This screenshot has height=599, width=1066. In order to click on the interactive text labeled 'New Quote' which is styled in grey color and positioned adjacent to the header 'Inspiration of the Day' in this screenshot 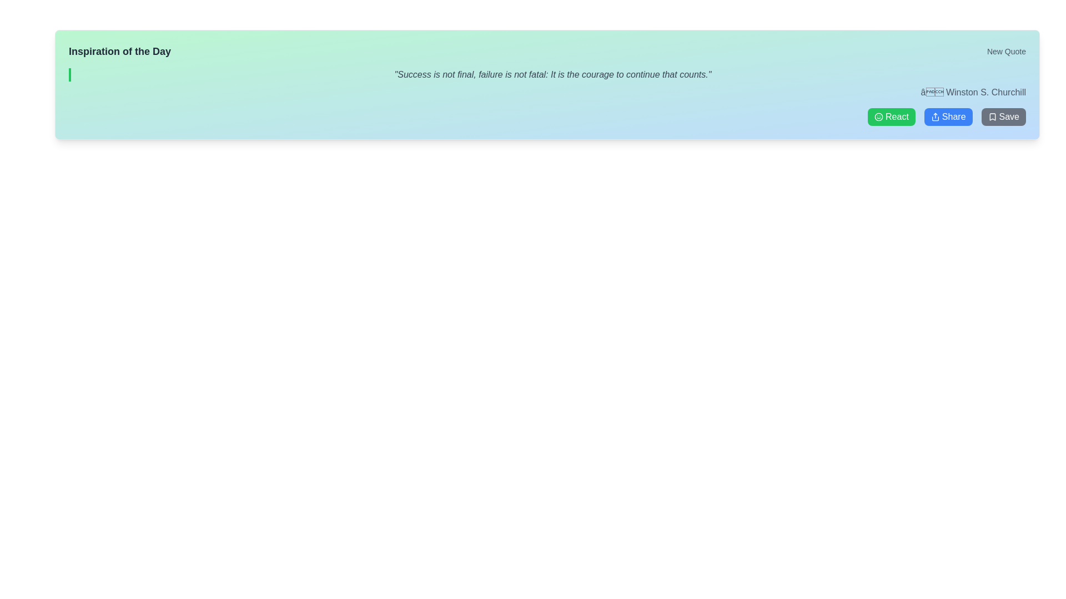, I will do `click(1007, 51)`.